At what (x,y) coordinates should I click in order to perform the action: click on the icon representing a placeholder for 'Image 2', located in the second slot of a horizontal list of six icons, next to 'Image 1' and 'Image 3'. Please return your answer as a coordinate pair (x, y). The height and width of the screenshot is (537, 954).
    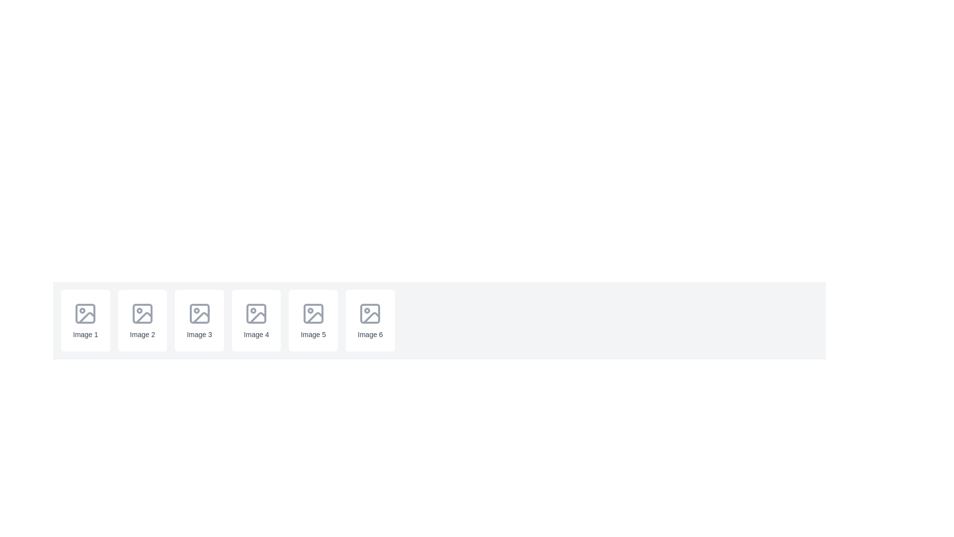
    Looking at the image, I should click on (142, 314).